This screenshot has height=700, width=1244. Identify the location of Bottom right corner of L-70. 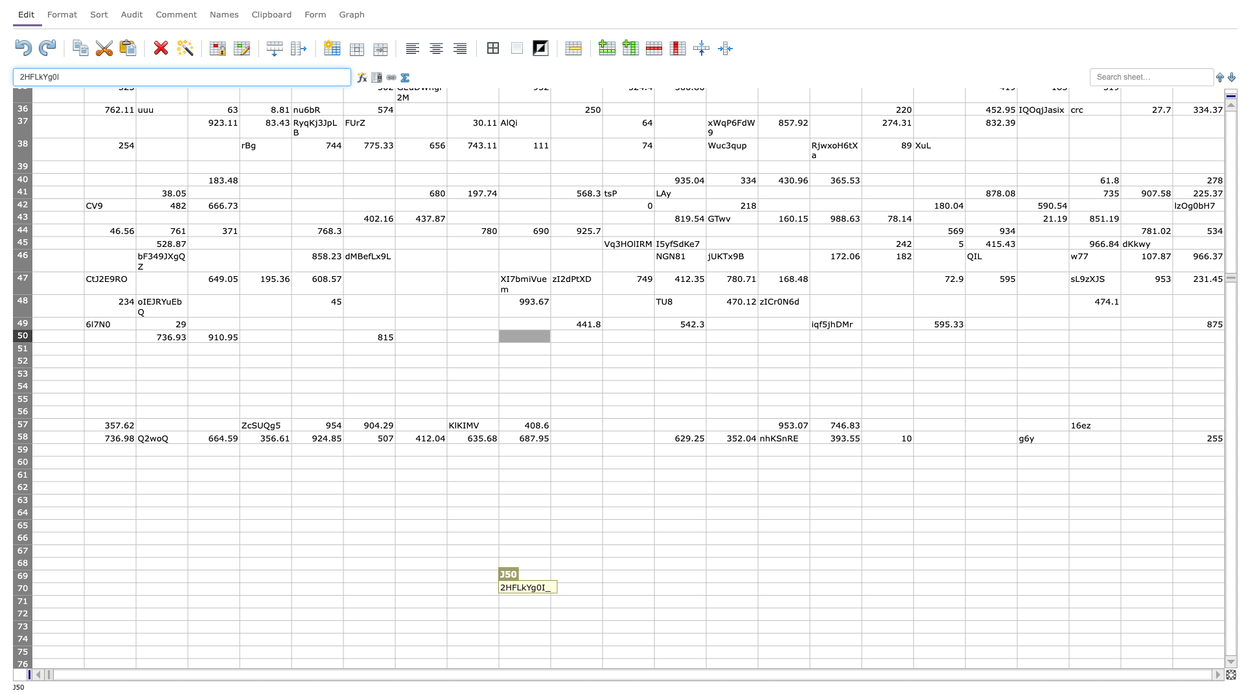
(654, 595).